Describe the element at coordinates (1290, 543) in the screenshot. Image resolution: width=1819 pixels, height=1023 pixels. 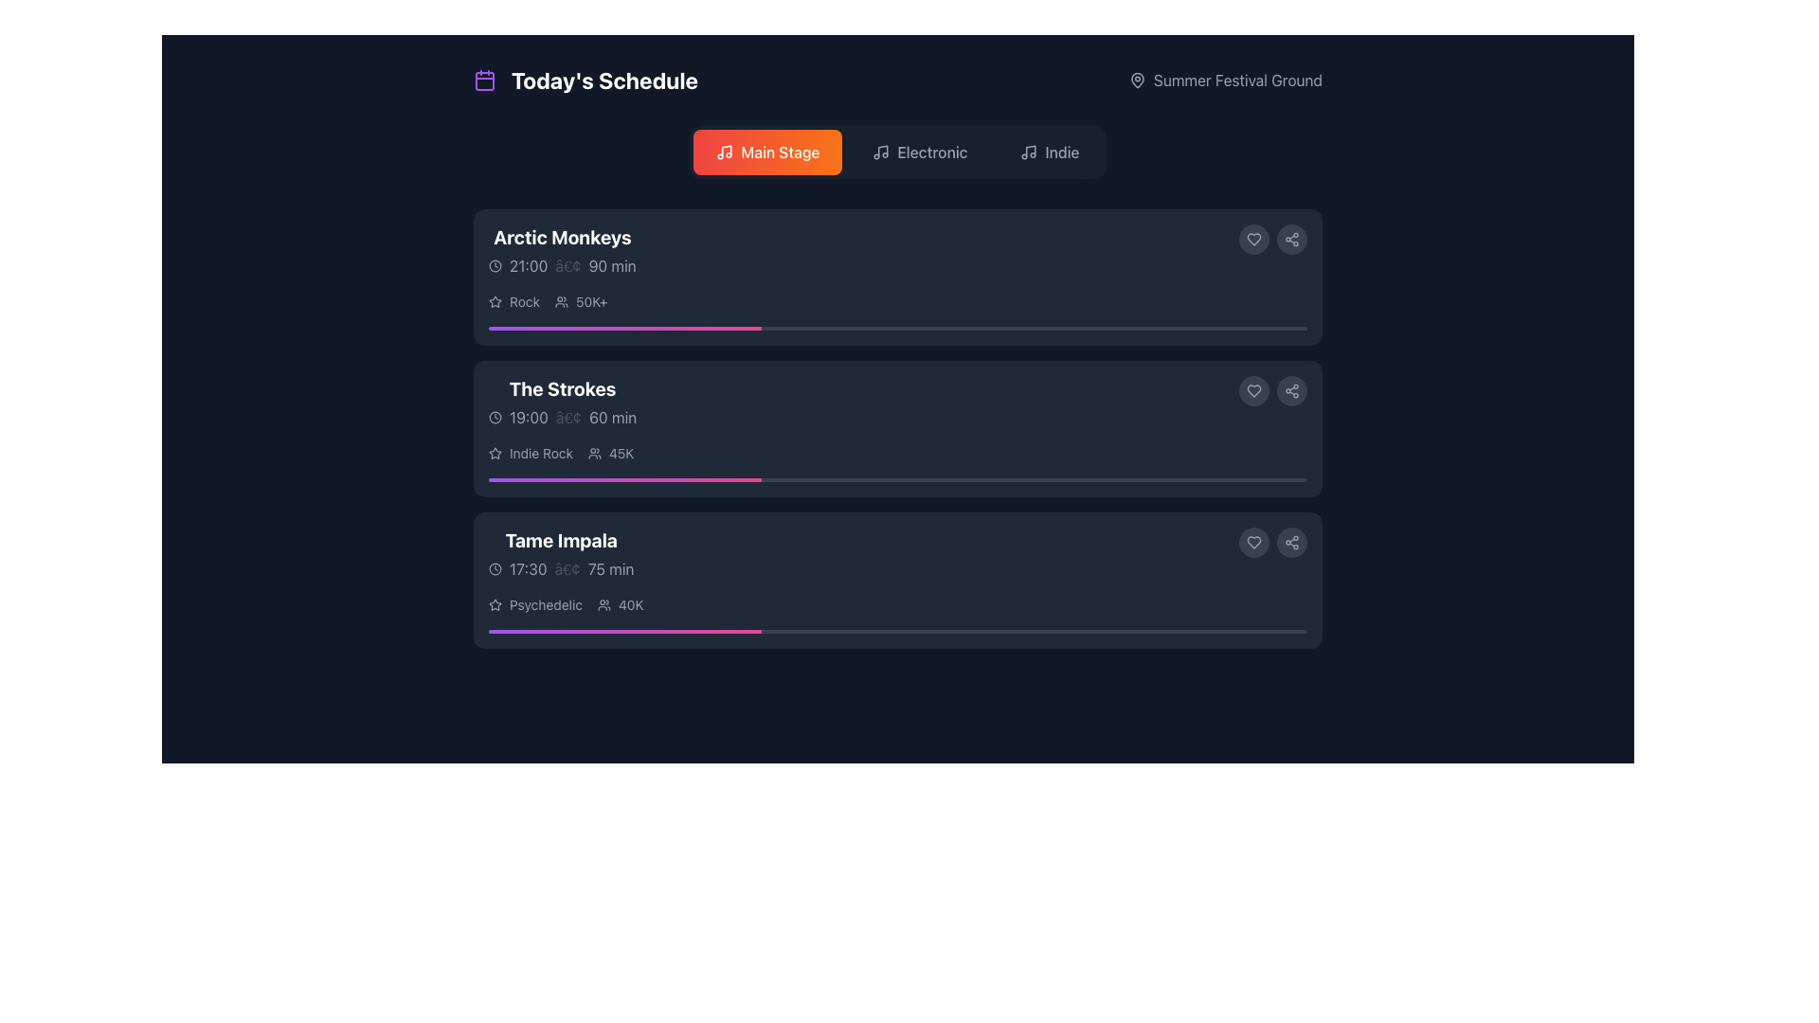
I see `the circular dark grey button with a share icon` at that location.